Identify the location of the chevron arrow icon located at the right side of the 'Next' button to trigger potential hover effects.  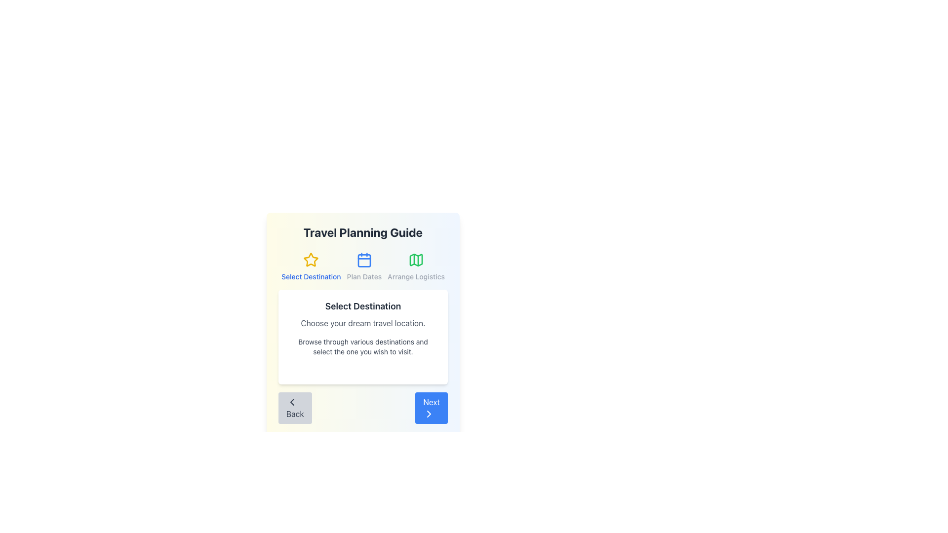
(429, 414).